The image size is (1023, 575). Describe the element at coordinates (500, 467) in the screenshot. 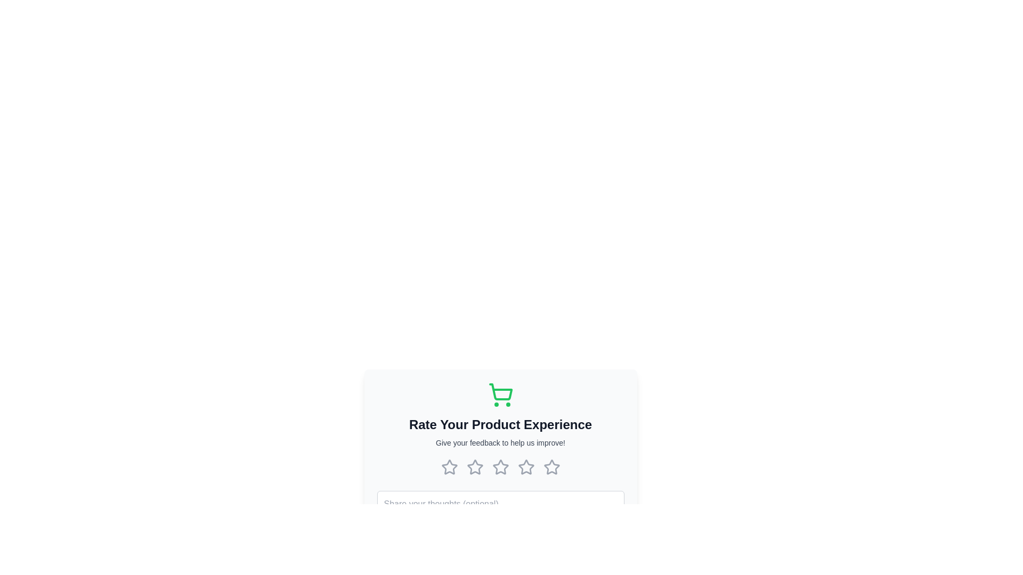

I see `the star icon in the Rating input component` at that location.